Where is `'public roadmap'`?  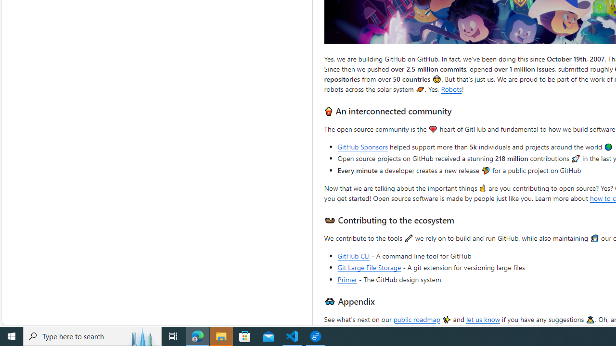 'public roadmap' is located at coordinates (416, 319).